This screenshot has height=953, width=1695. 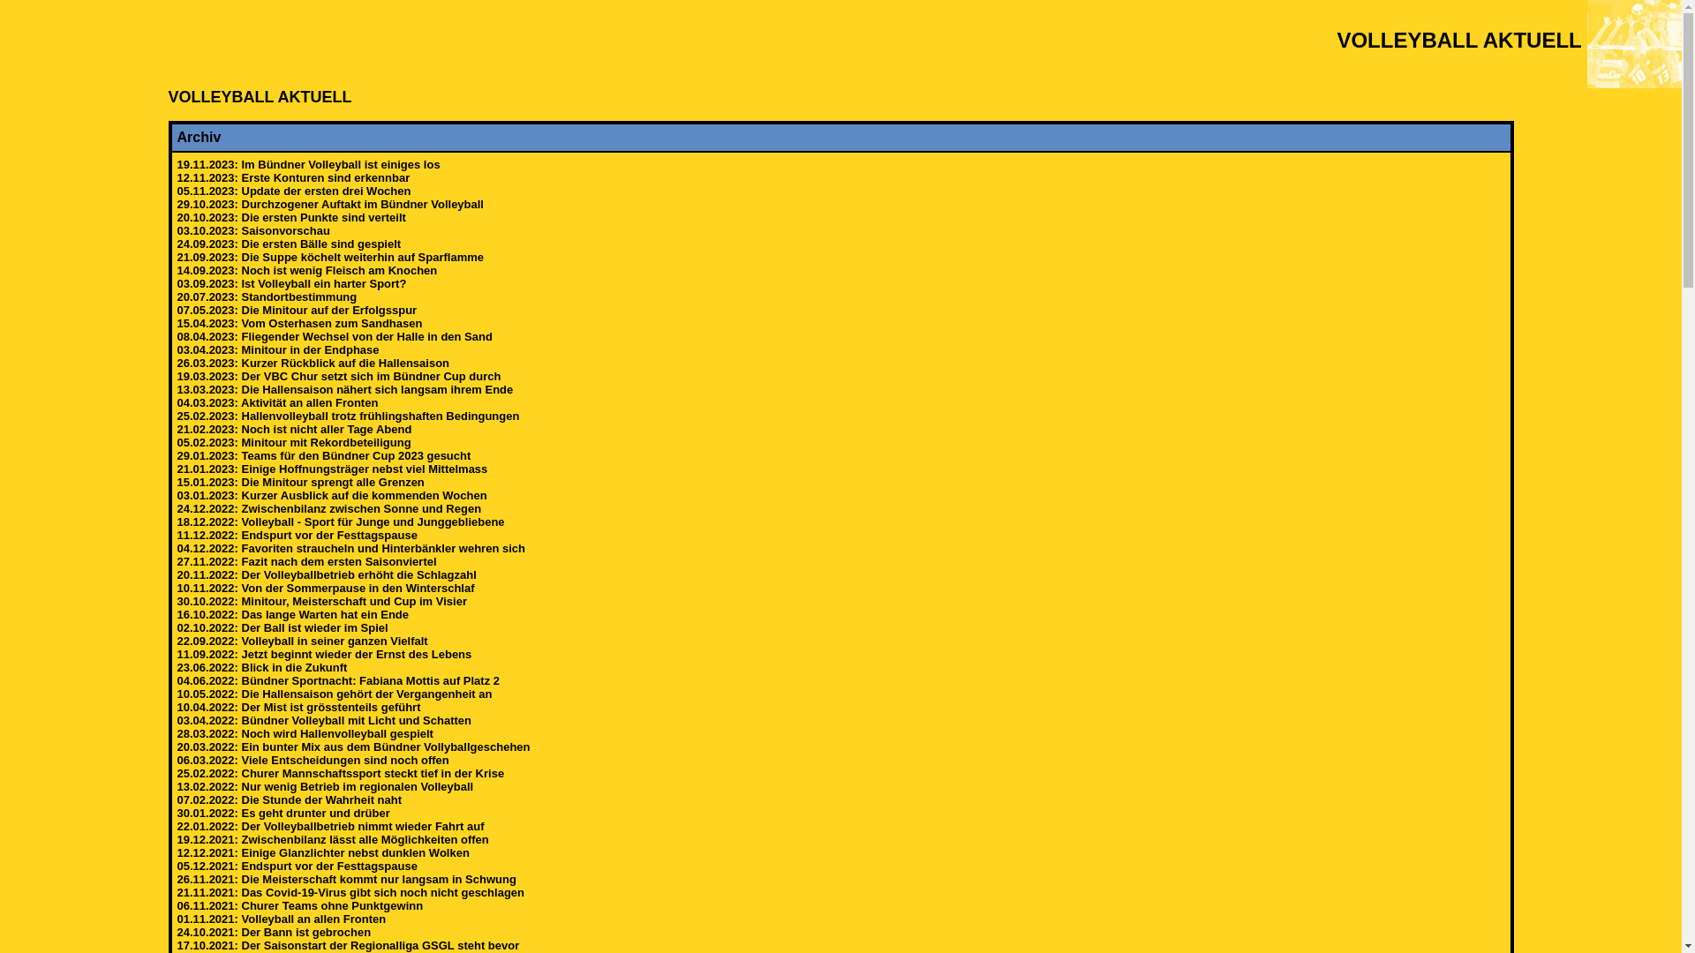 I want to click on '06.11.2021: Churer Teams ohne Punktgewinn', so click(x=177, y=905).